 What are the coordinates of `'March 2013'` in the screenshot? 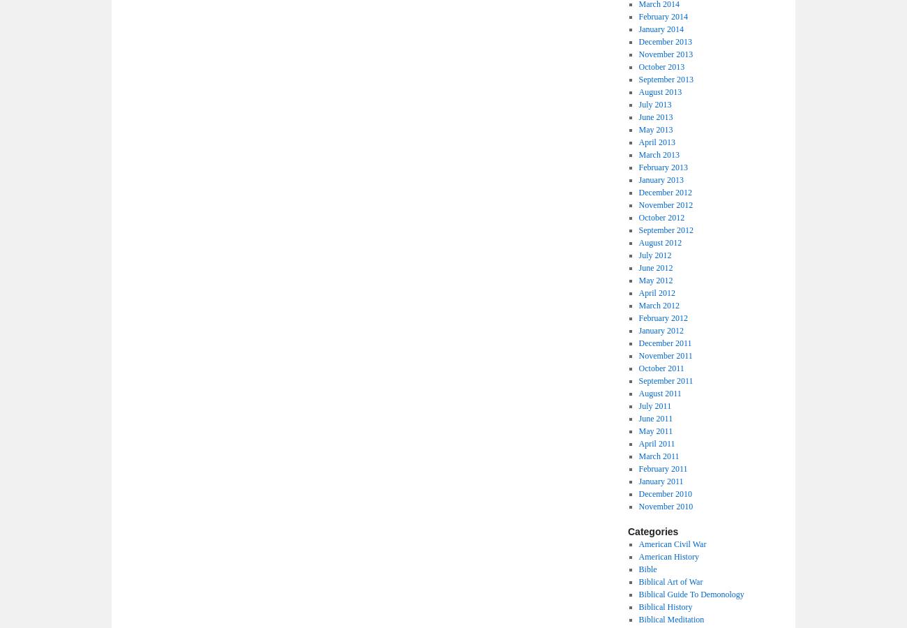 It's located at (637, 155).